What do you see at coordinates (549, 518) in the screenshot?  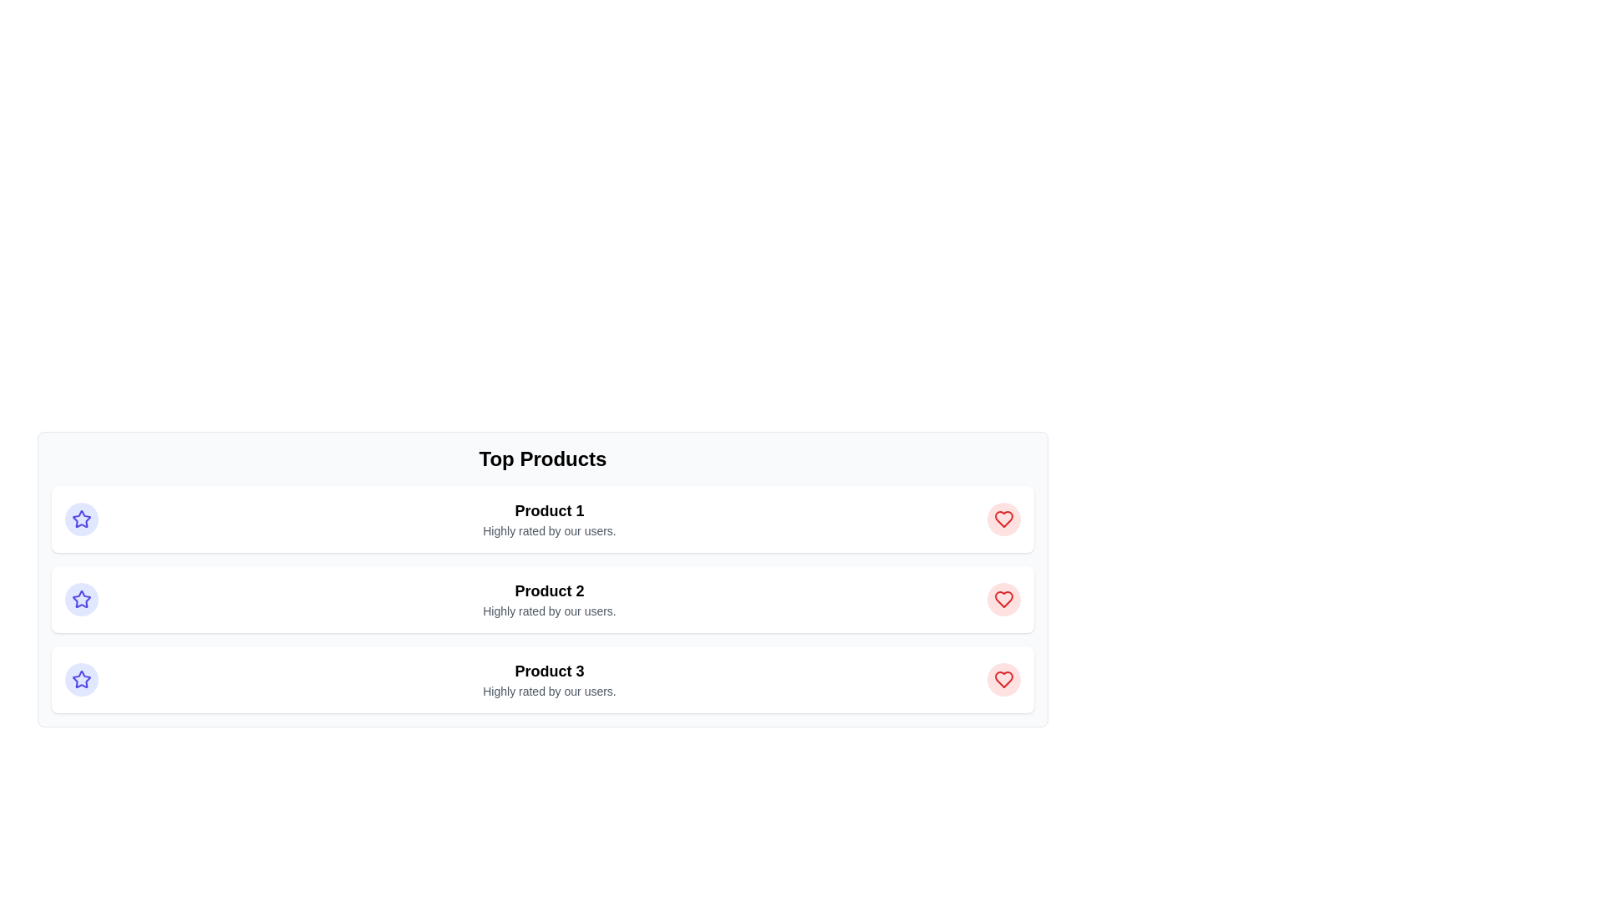 I see `the Text block that provides product information, located within the first item of the 'Top Products' list, positioned to the right of a circular icon and to the left of a heart-shaped button` at bounding box center [549, 518].